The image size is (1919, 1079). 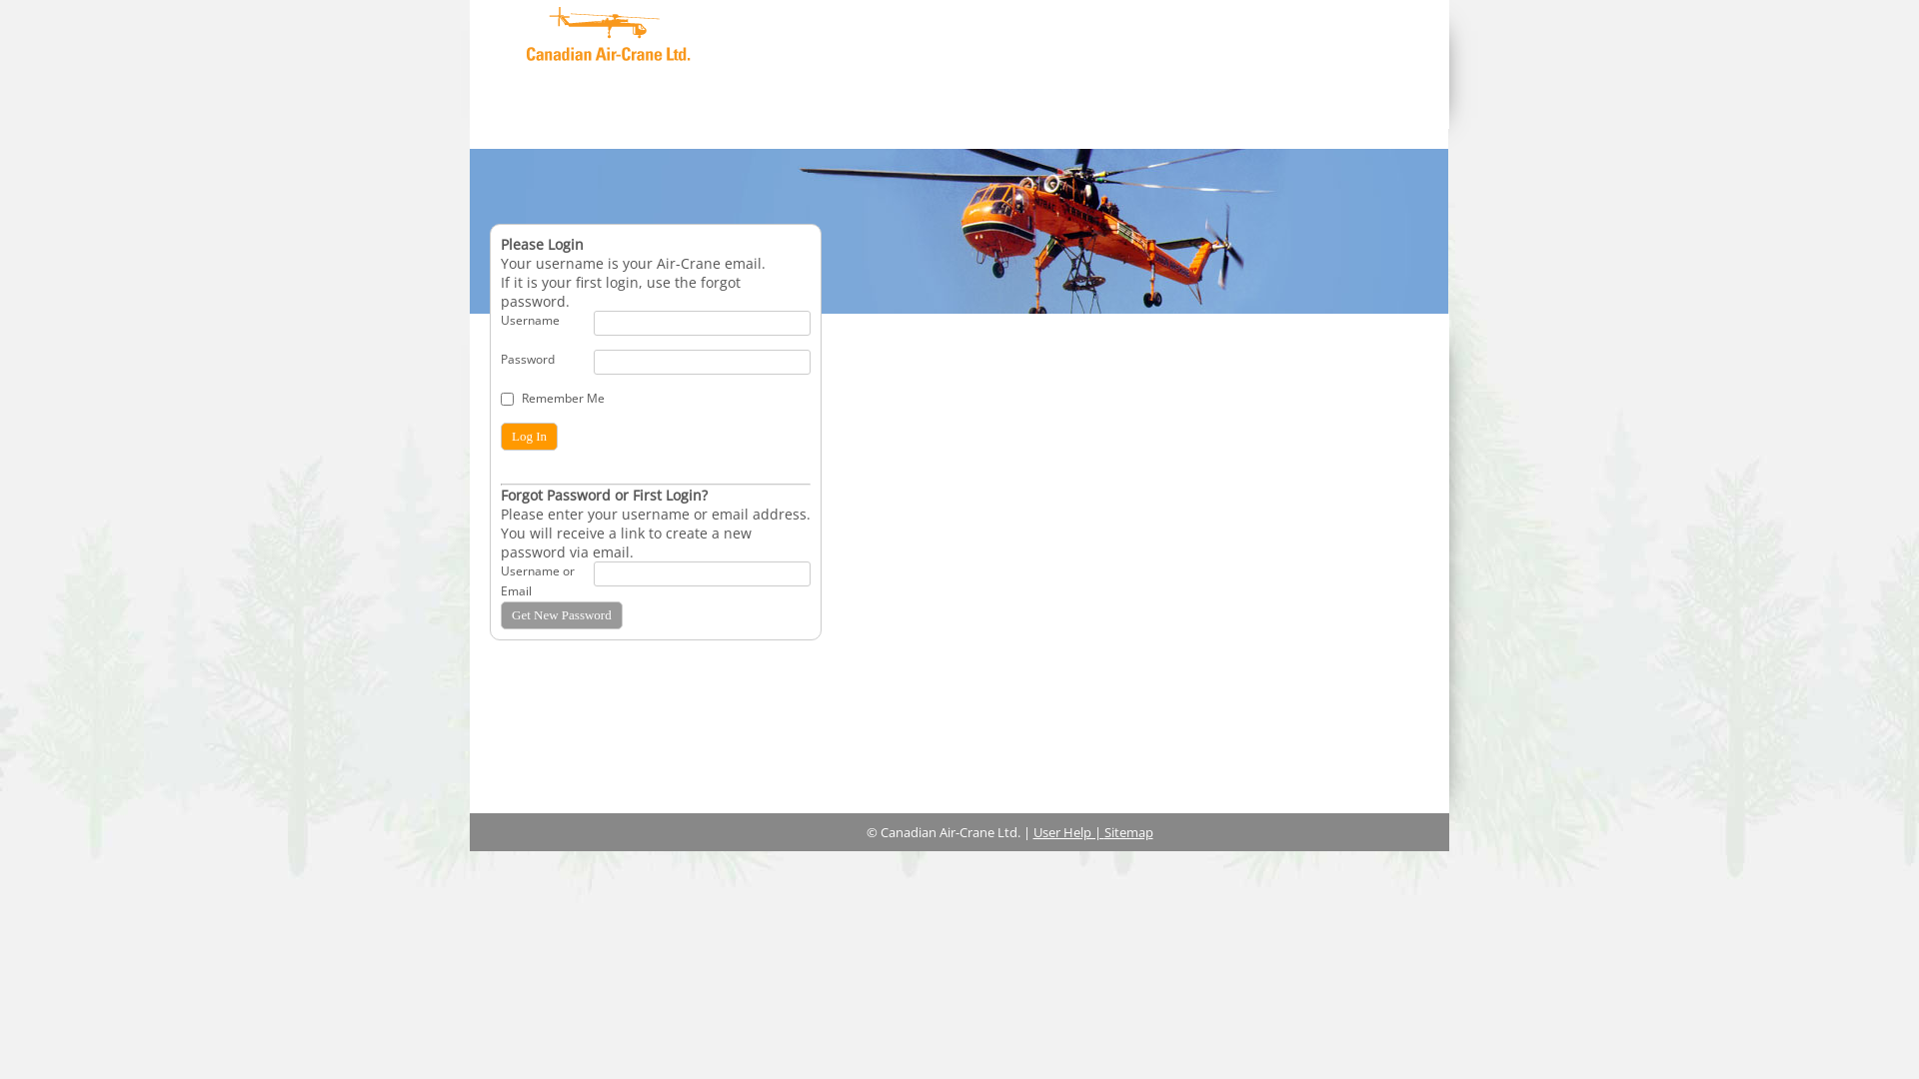 What do you see at coordinates (1127, 832) in the screenshot?
I see `'Sitemap'` at bounding box center [1127, 832].